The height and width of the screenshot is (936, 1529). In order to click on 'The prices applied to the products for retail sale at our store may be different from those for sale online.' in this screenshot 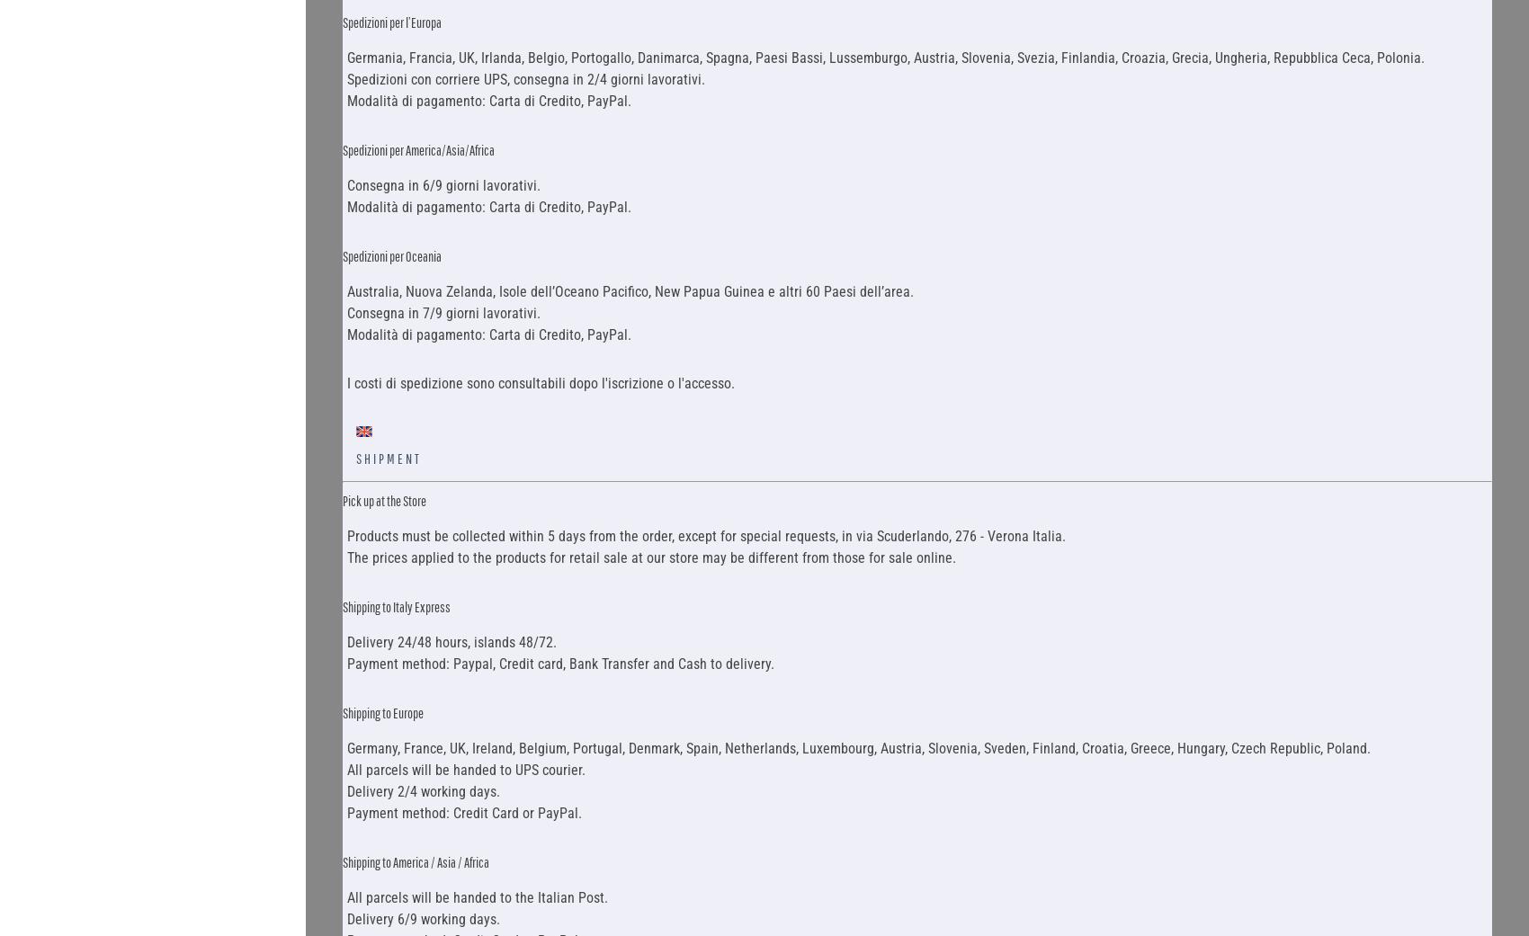, I will do `click(650, 557)`.